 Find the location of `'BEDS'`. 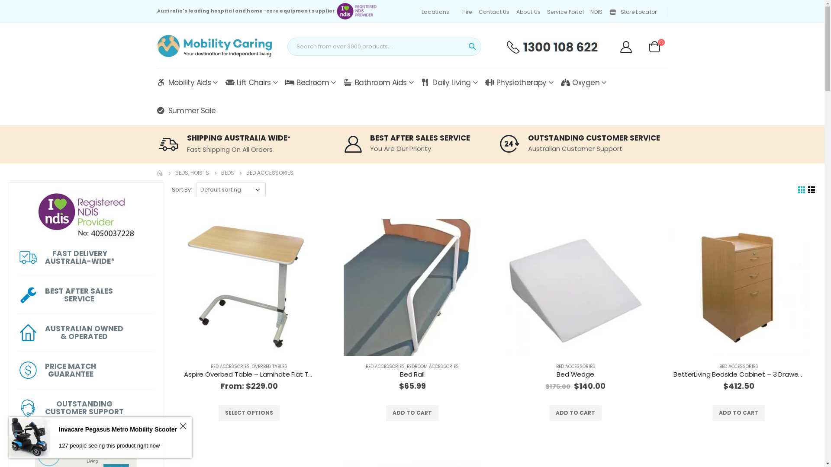

'BEDS' is located at coordinates (227, 173).